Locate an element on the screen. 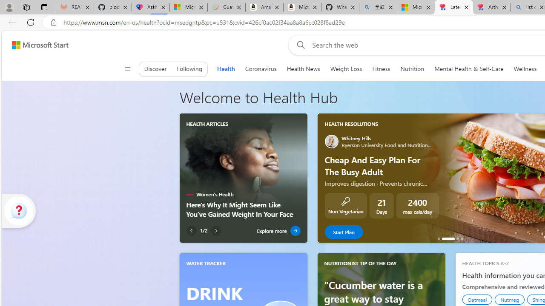  'HEALTH ARTICLES' is located at coordinates (207, 124).